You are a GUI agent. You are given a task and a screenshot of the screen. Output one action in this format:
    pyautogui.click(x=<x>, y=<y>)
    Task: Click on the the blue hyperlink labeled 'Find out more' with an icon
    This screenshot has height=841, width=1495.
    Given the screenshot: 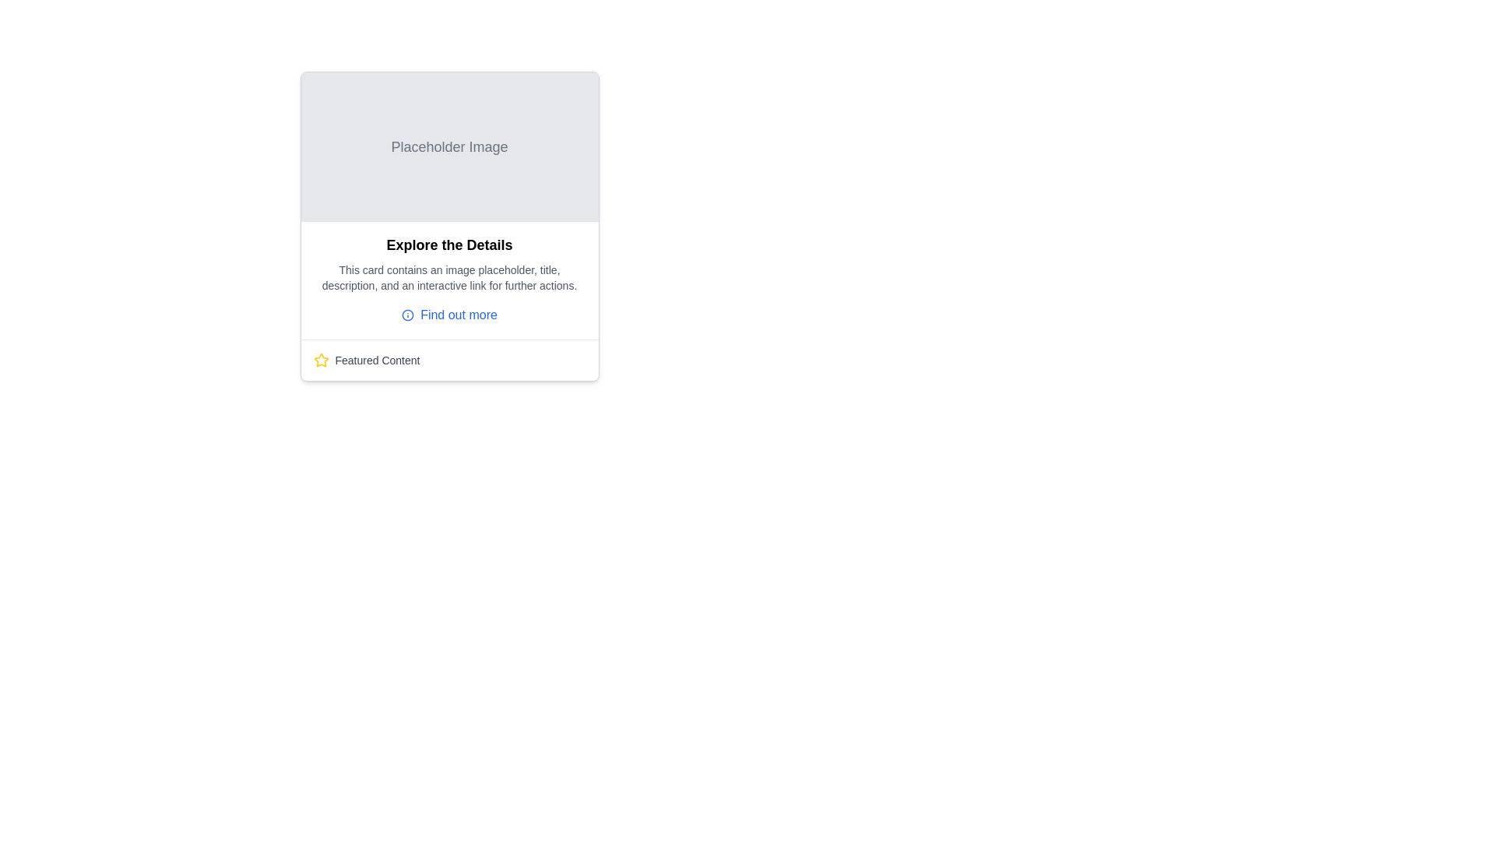 What is the action you would take?
    pyautogui.click(x=448, y=315)
    